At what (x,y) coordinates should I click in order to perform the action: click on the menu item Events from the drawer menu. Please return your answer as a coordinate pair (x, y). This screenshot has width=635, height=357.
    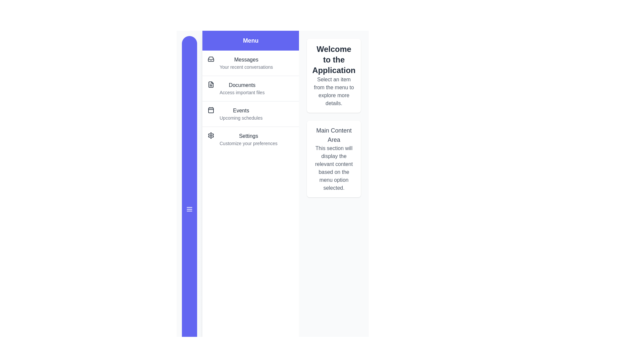
    Looking at the image, I should click on (250, 113).